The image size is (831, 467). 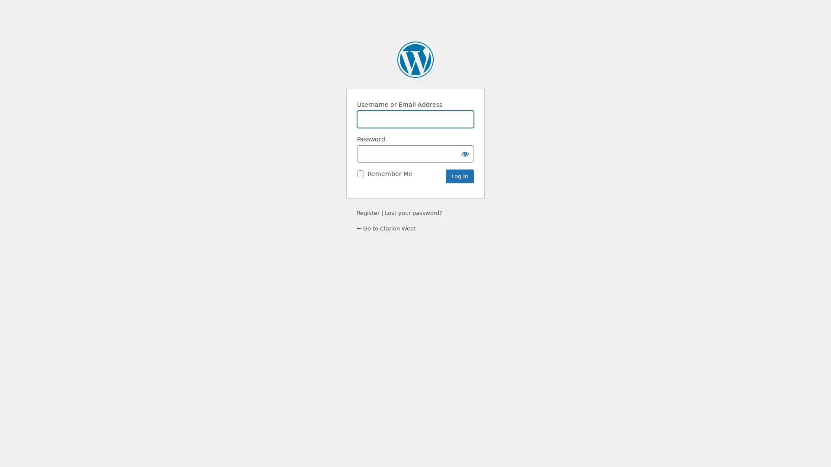 I want to click on Show password, so click(x=465, y=153).